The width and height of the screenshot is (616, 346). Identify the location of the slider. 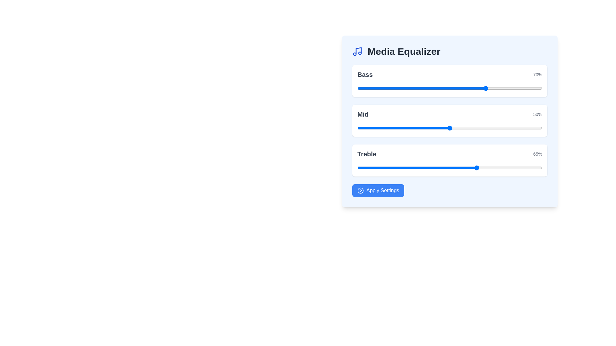
(497, 128).